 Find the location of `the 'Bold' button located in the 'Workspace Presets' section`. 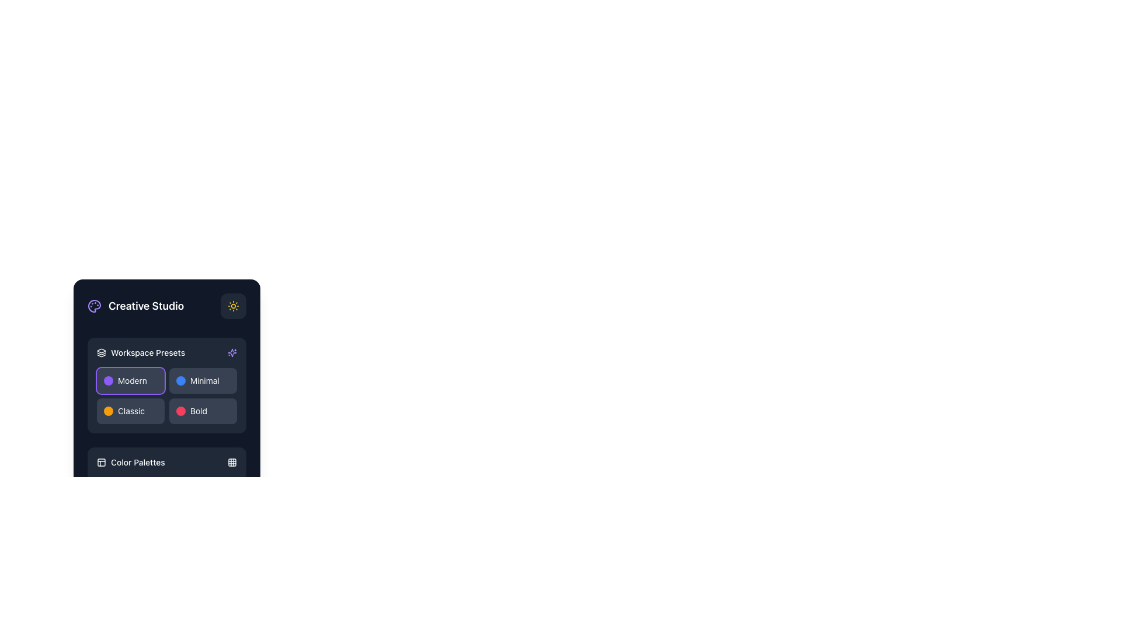

the 'Bold' button located in the 'Workspace Presets' section is located at coordinates (203, 411).